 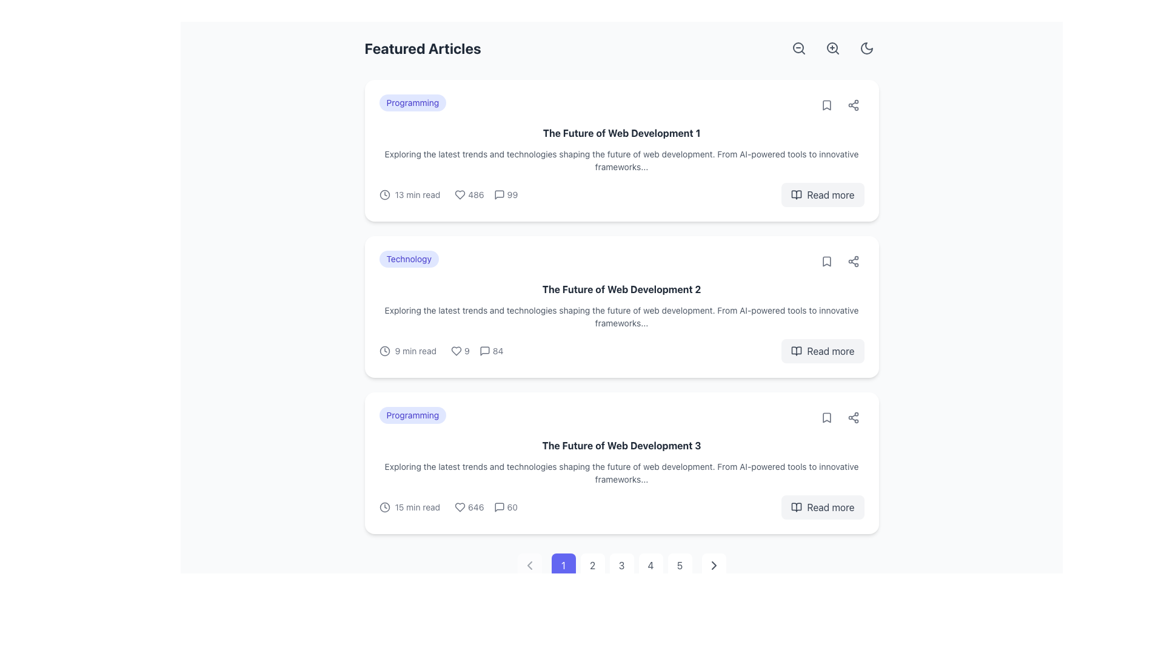 I want to click on the rectangular button with rounded corners labeled 'Read more' that appears in the bottom-right corner of the card for 'The Future of Web Development 1', so click(x=823, y=194).